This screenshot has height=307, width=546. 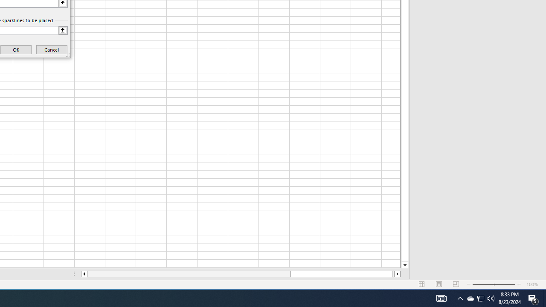 I want to click on 'Page right', so click(x=393, y=274).